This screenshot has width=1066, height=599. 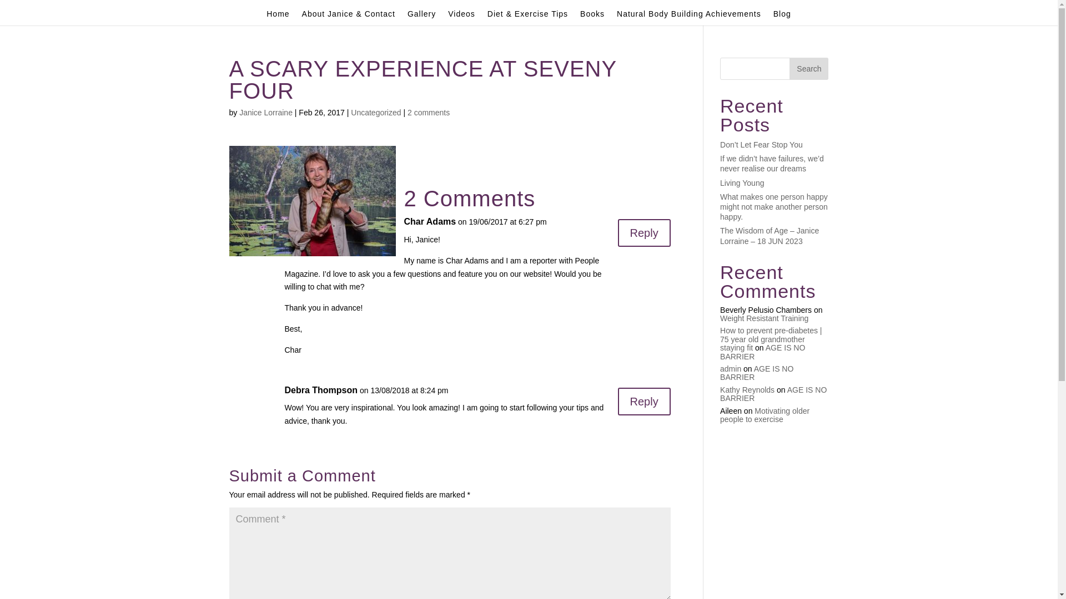 I want to click on 'Weight Resistant Training', so click(x=763, y=318).